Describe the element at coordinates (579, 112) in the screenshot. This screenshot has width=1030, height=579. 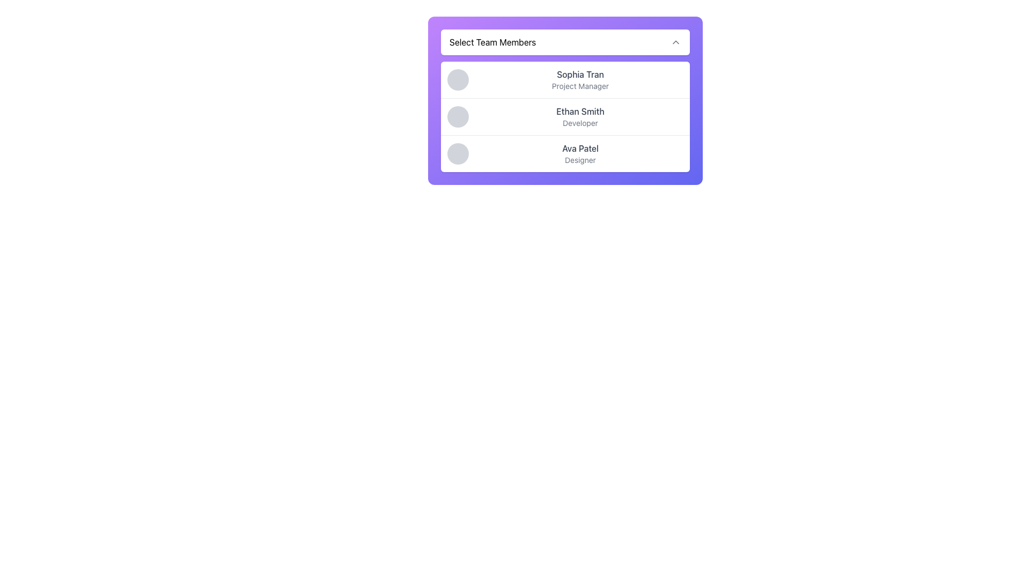
I see `the text label displaying the name 'Ethan Smith', which is styled in gray and positioned as the second entry in the list under 'Select Team Members'` at that location.